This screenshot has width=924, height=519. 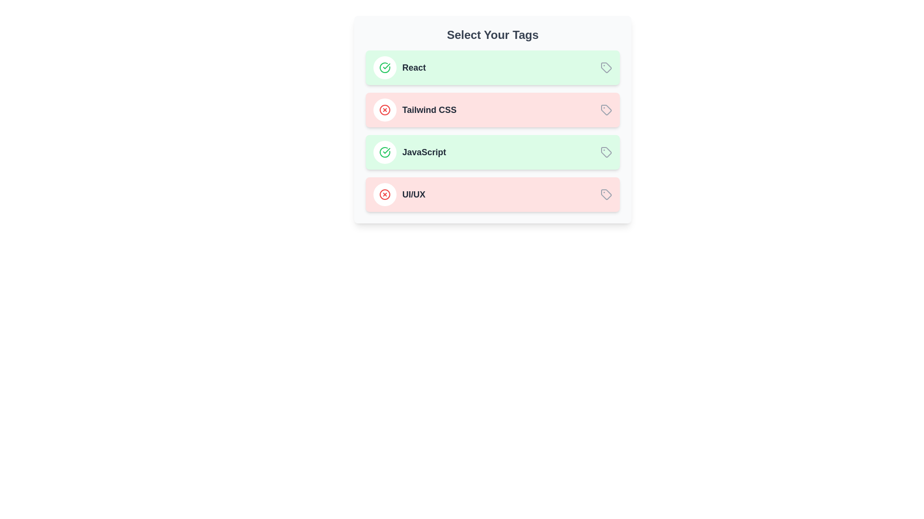 I want to click on the second tag indicator in the vertical list, so click(x=415, y=109).